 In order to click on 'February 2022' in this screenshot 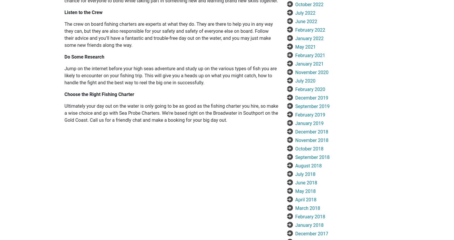, I will do `click(310, 30)`.